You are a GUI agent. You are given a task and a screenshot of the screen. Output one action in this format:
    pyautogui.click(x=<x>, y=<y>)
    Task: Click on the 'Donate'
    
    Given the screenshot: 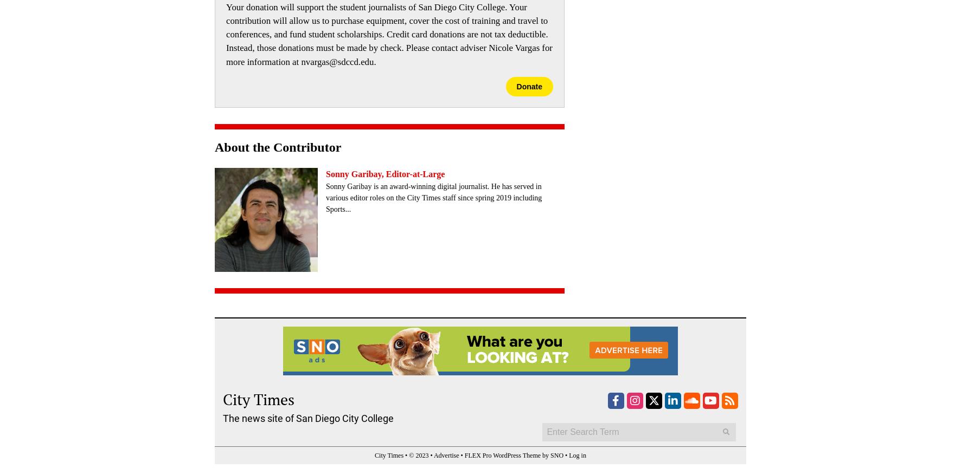 What is the action you would take?
    pyautogui.click(x=529, y=86)
    